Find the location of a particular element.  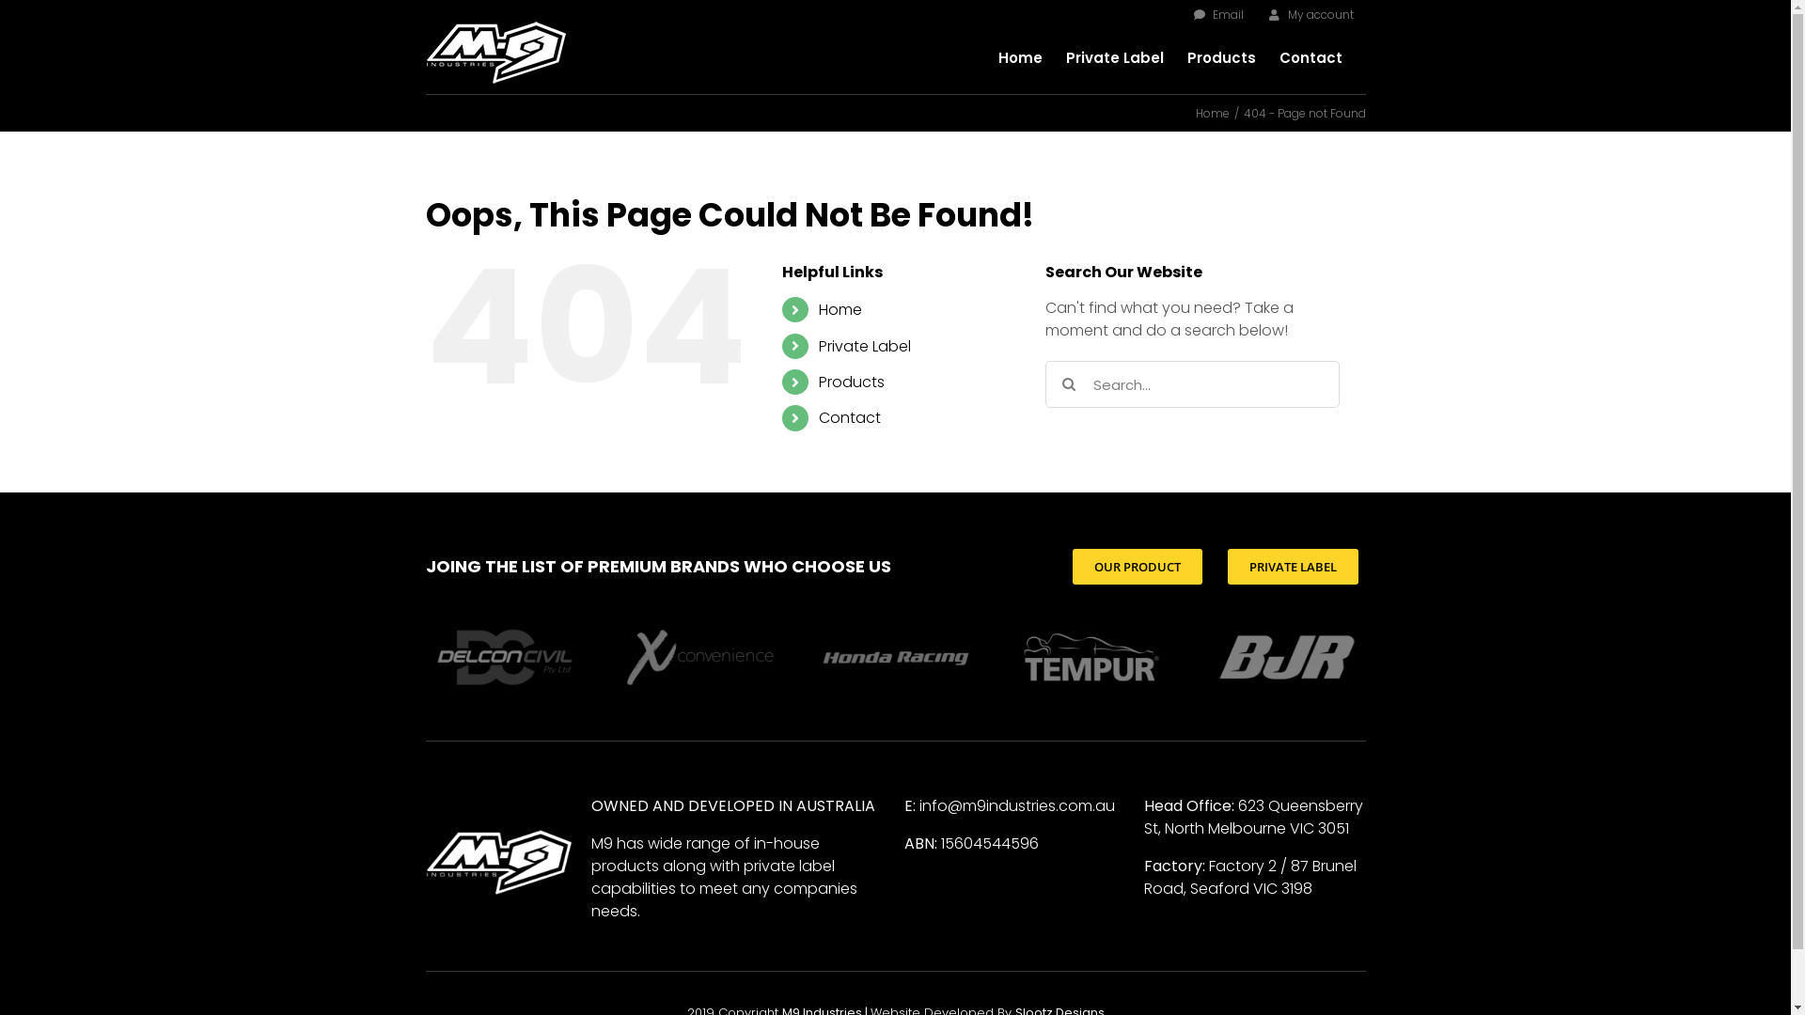

'My account' is located at coordinates (1309, 14).